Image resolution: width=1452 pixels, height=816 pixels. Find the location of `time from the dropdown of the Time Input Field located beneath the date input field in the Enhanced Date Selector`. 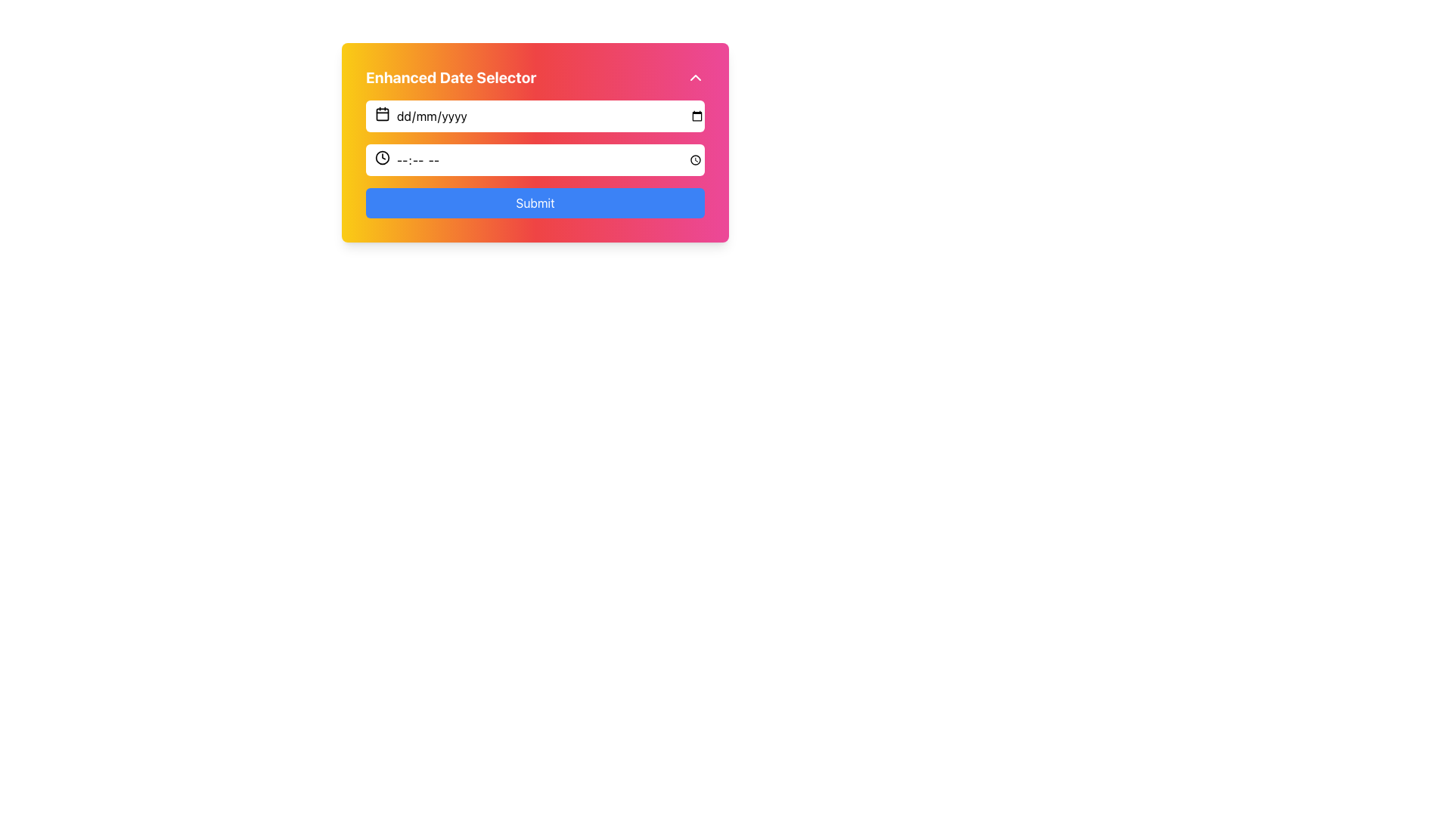

time from the dropdown of the Time Input Field located beneath the date input field in the Enhanced Date Selector is located at coordinates (535, 160).